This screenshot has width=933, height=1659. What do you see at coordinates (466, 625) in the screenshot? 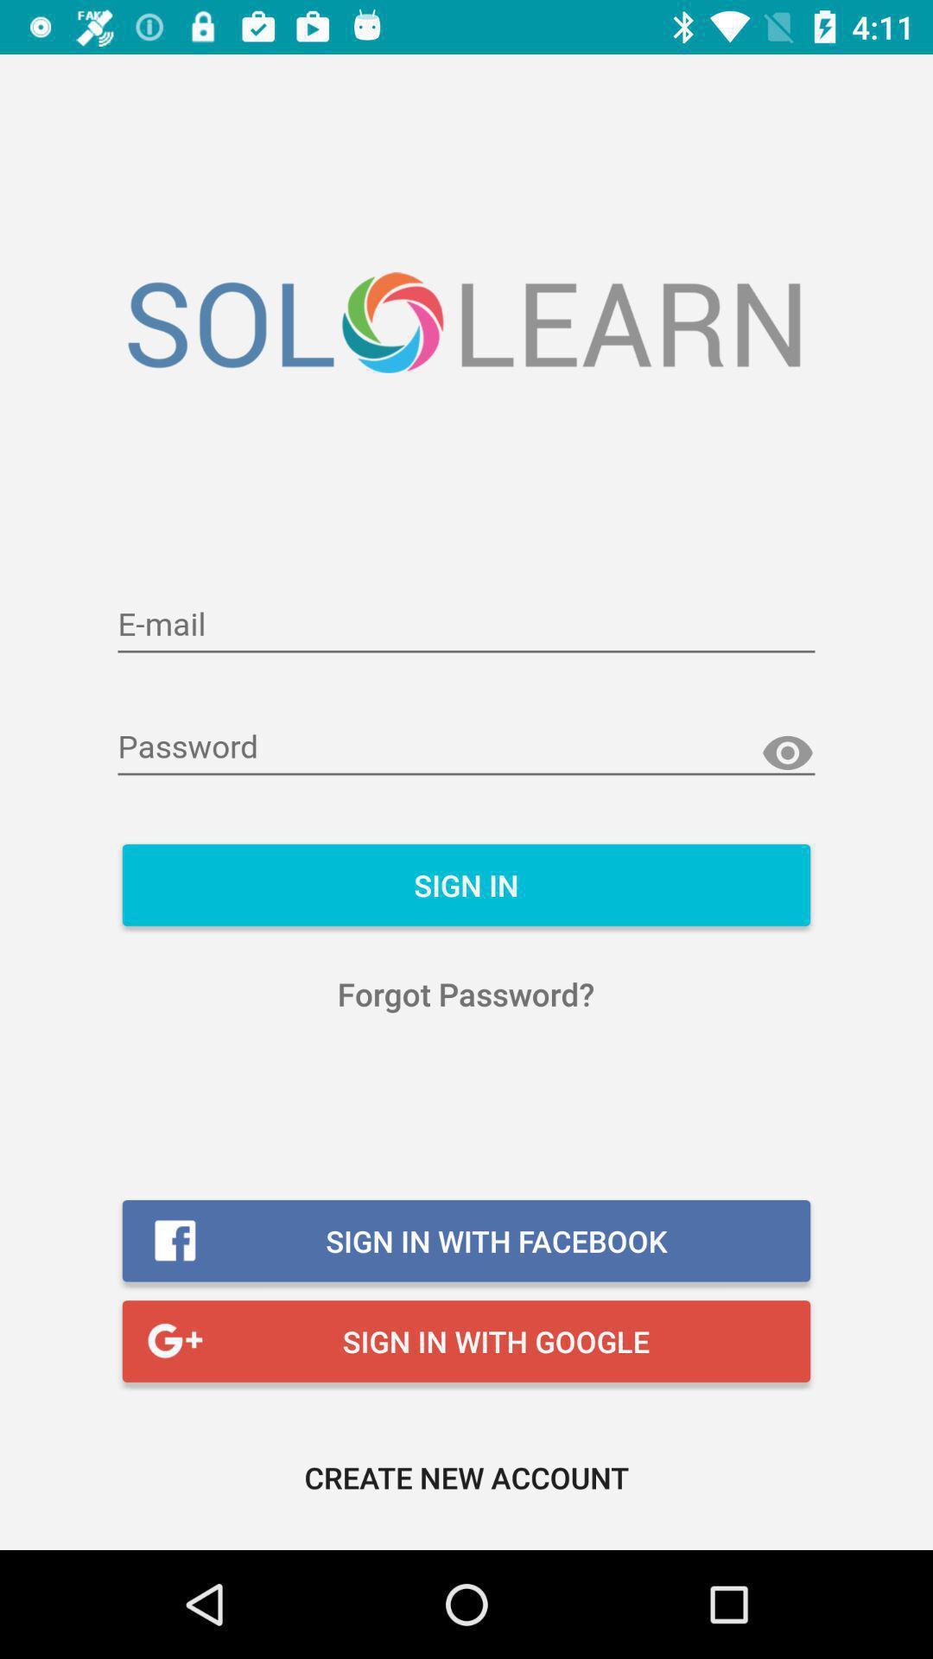
I see `email` at bounding box center [466, 625].